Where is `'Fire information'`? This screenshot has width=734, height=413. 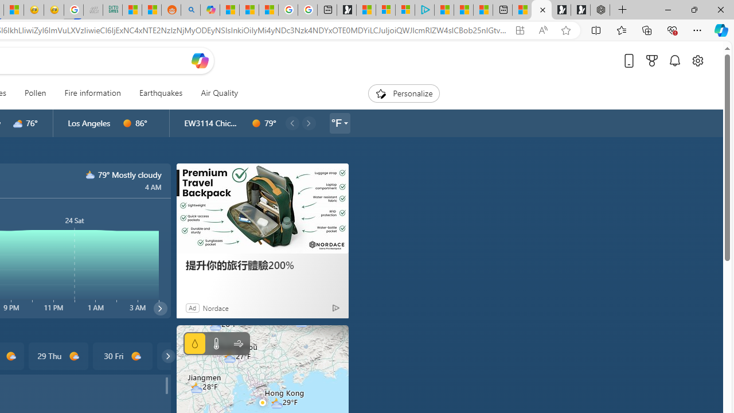
'Fire information' is located at coordinates (92, 93).